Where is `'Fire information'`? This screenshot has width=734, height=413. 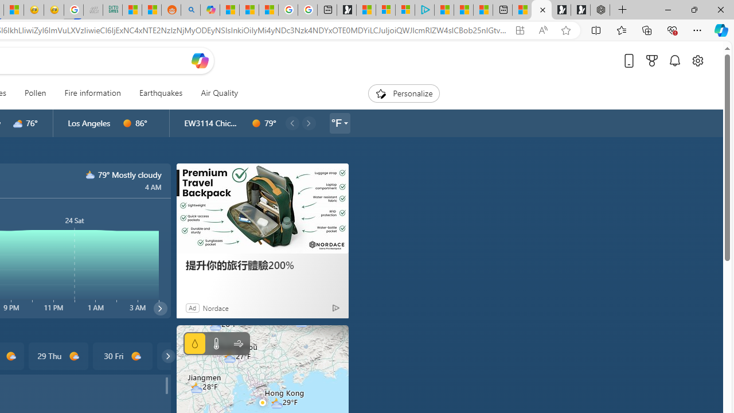
'Fire information' is located at coordinates (92, 93).